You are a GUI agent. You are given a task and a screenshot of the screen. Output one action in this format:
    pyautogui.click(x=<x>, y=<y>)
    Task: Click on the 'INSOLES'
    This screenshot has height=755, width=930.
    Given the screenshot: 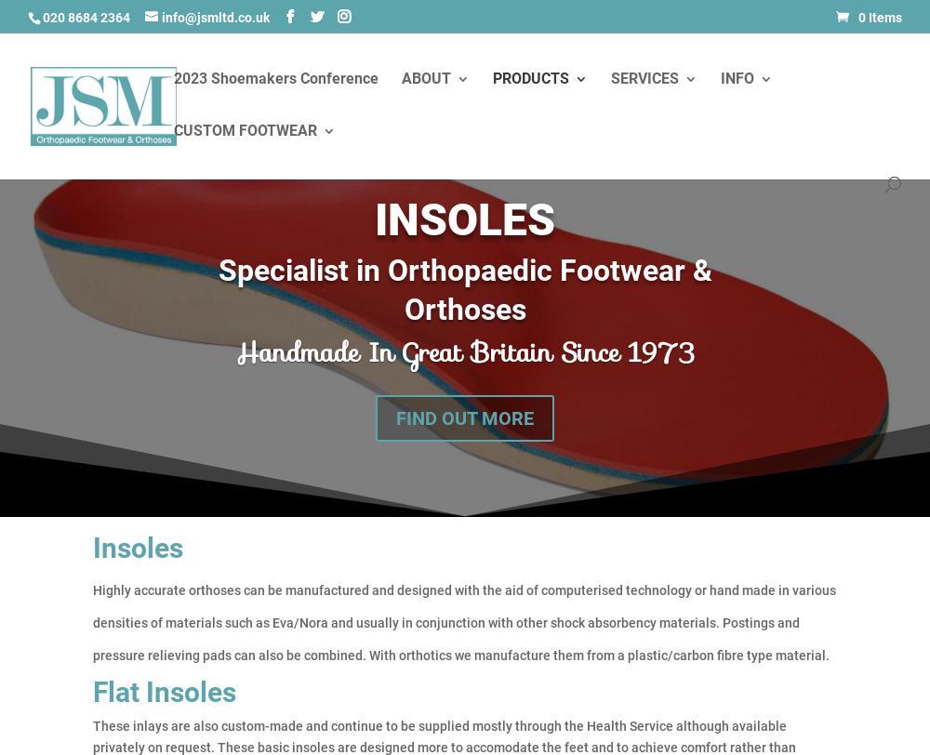 What is the action you would take?
    pyautogui.click(x=465, y=219)
    